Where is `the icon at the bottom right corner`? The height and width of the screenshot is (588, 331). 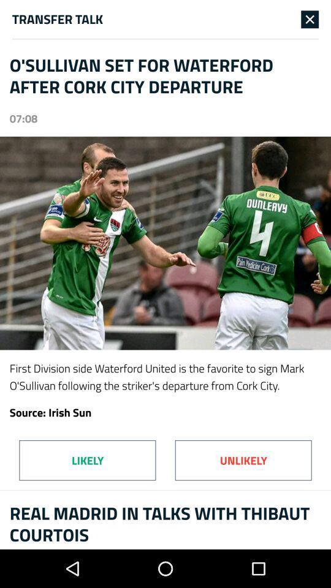 the icon at the bottom right corner is located at coordinates (243, 459).